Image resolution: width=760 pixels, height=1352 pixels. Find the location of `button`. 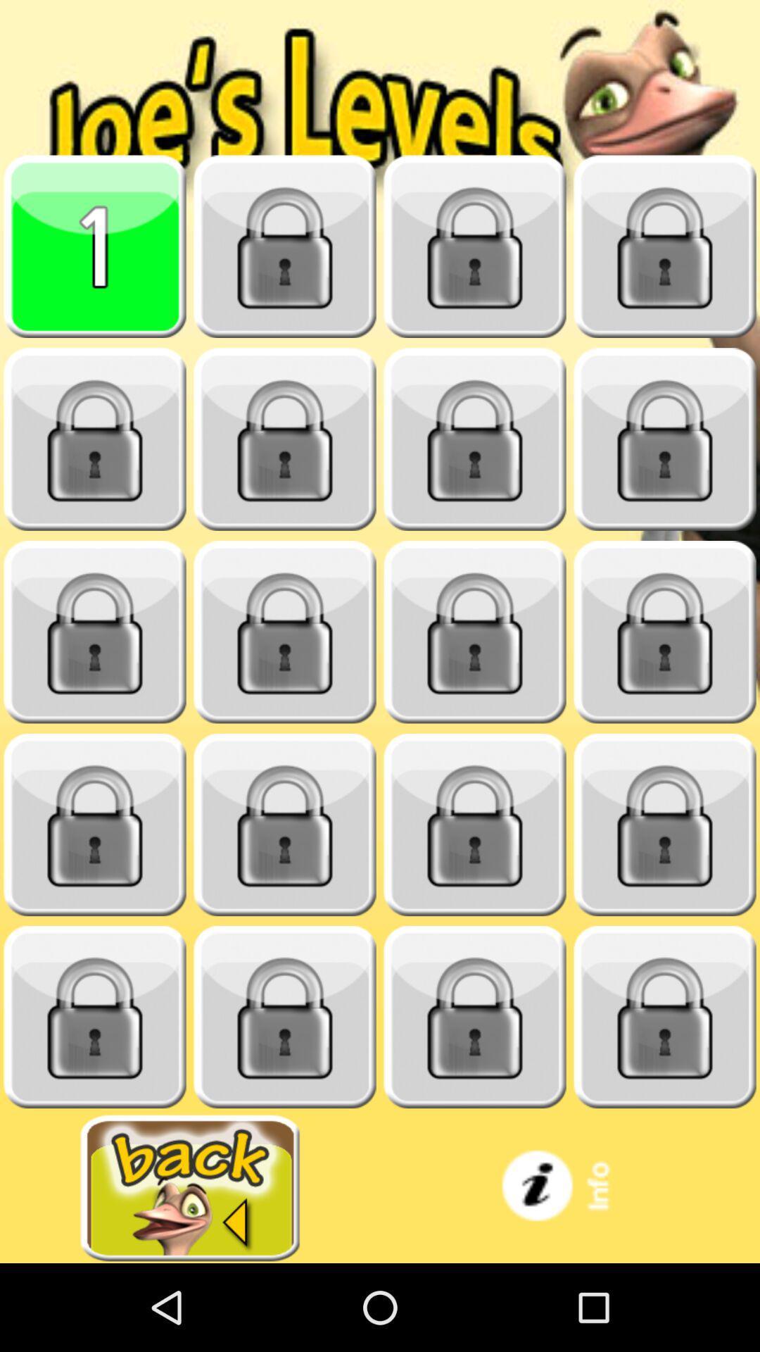

button is located at coordinates (475, 439).